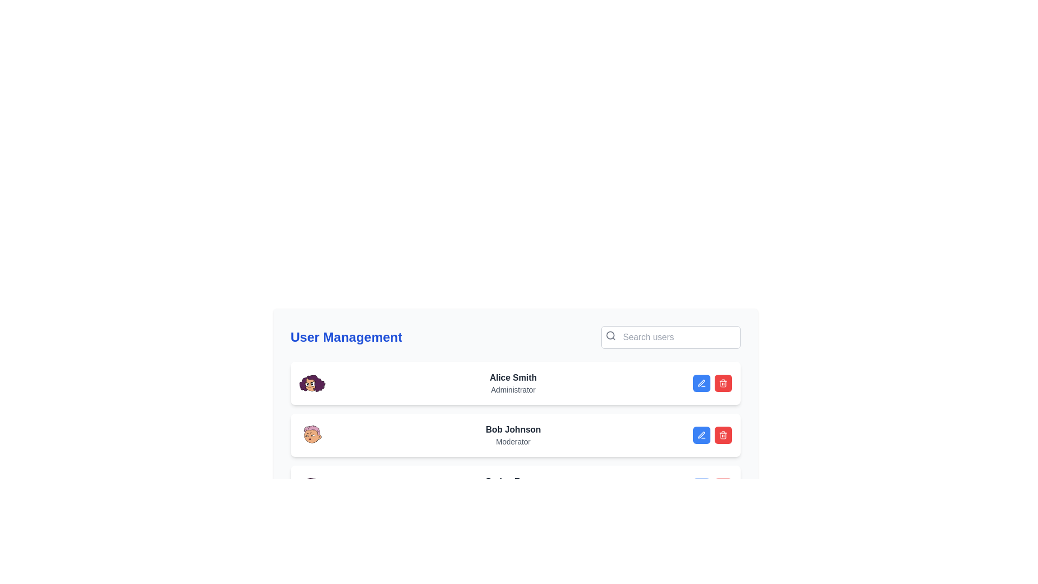 Image resolution: width=1038 pixels, height=584 pixels. I want to click on the non-interactive text label that provides additional information about the user 'Alice Smith', positioned directly below the name and under the heading 'User Management', so click(513, 390).